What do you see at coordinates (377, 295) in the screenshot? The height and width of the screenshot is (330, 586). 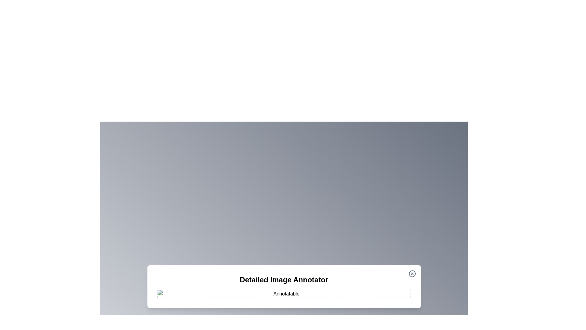 I see `the image at coordinates (1237, 968) to add an annotation` at bounding box center [377, 295].